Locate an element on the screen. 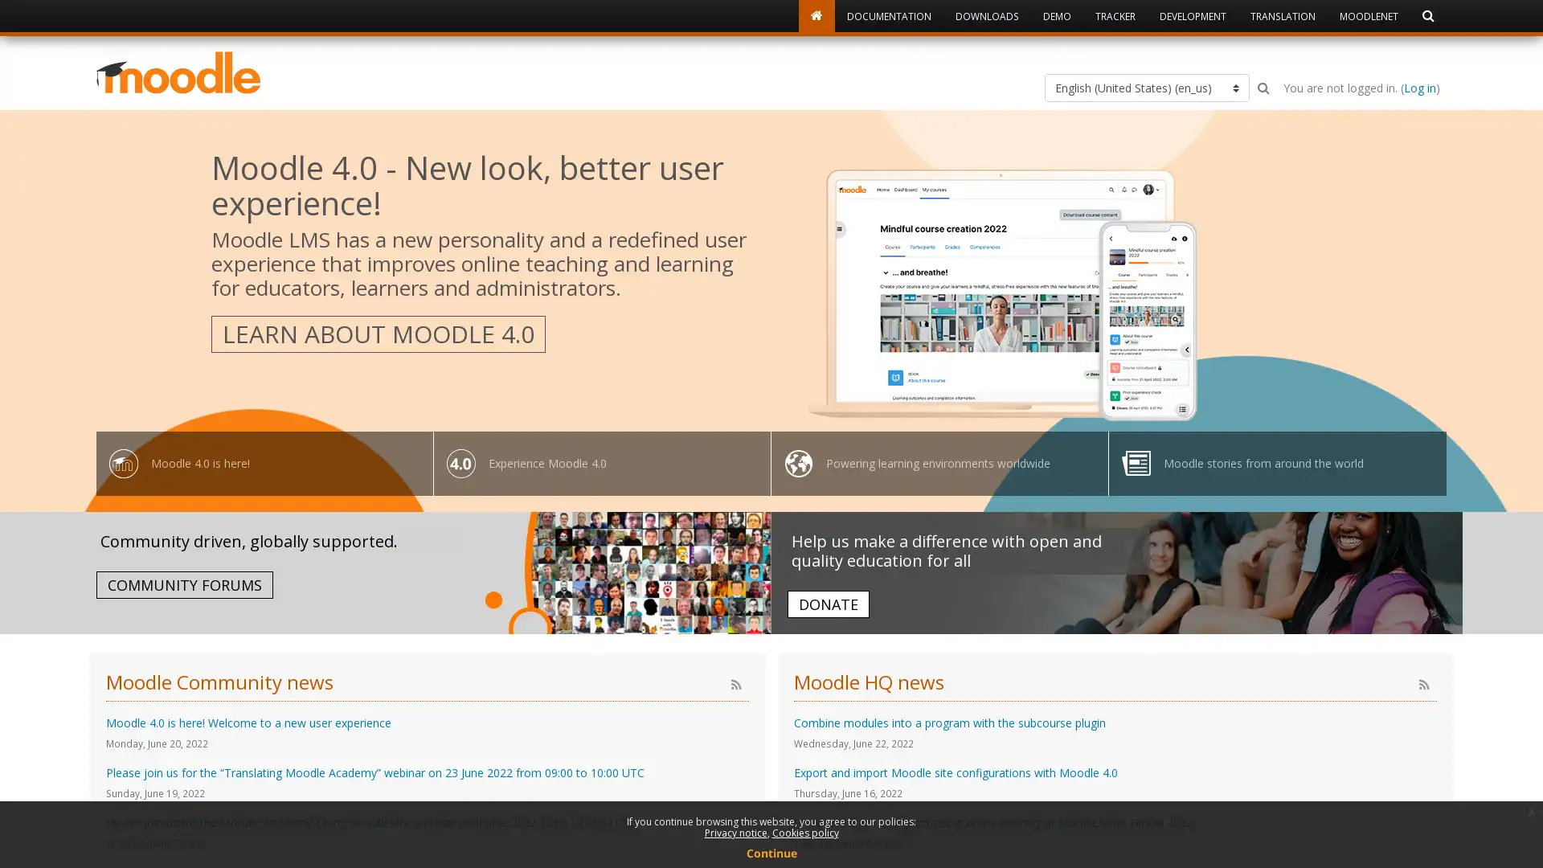 This screenshot has width=1543, height=868. Toggle search input is located at coordinates (1263, 88).